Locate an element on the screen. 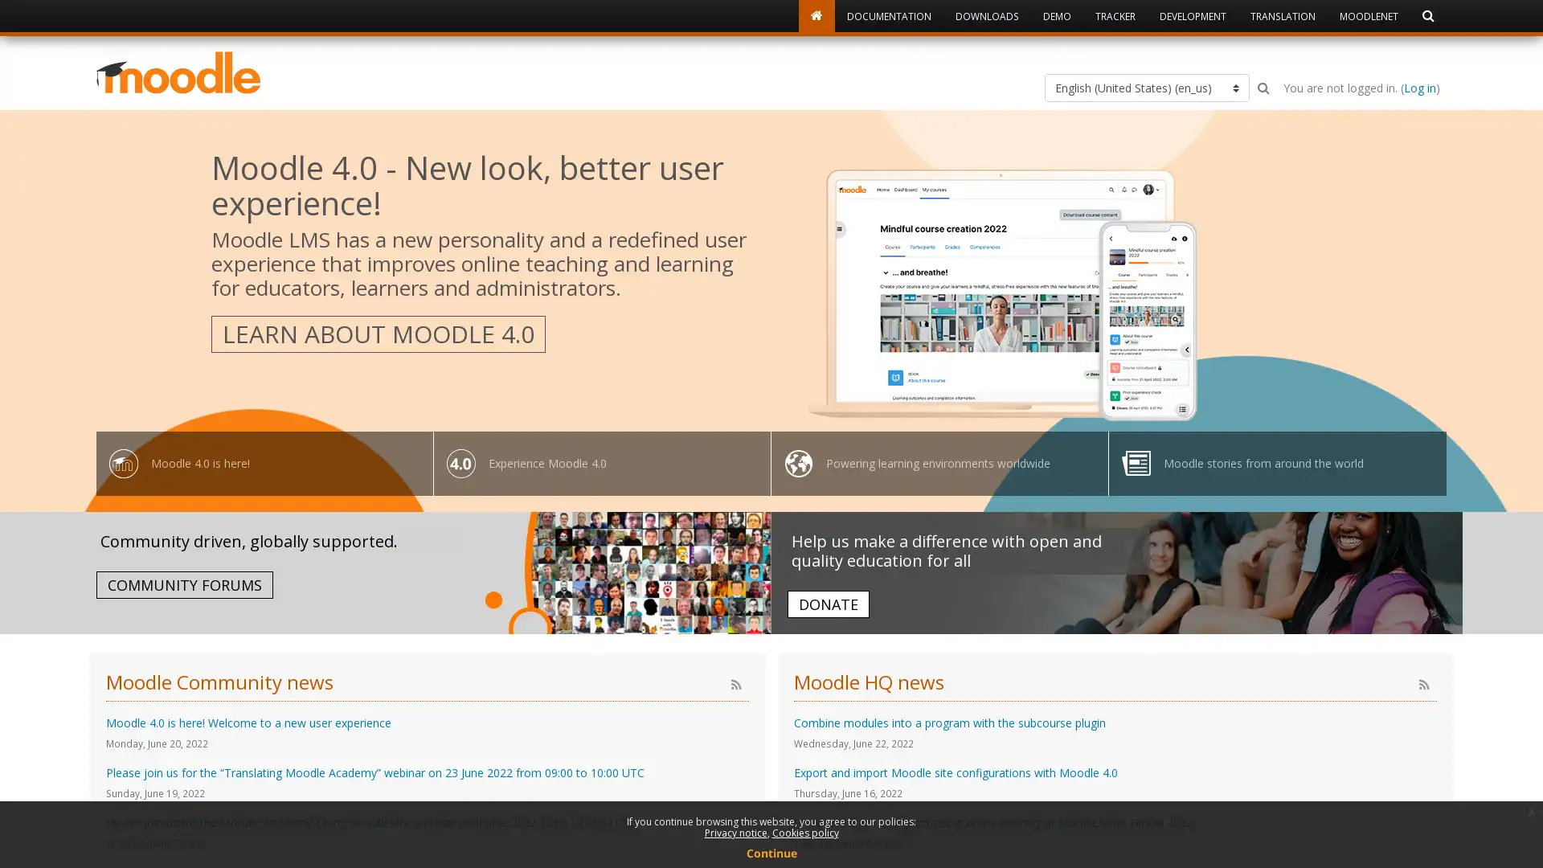 This screenshot has width=1543, height=868. Toggle search input is located at coordinates (1263, 88).